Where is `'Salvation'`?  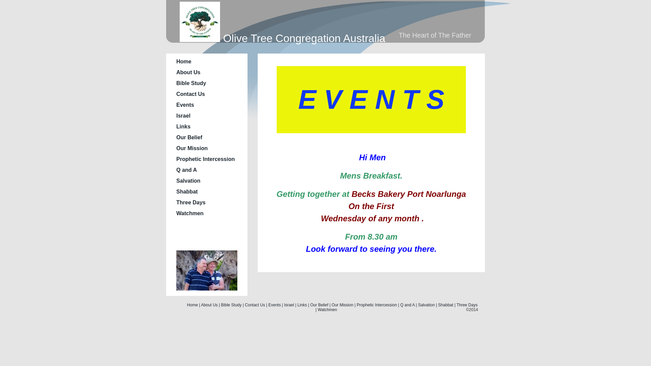
'Salvation' is located at coordinates (426, 304).